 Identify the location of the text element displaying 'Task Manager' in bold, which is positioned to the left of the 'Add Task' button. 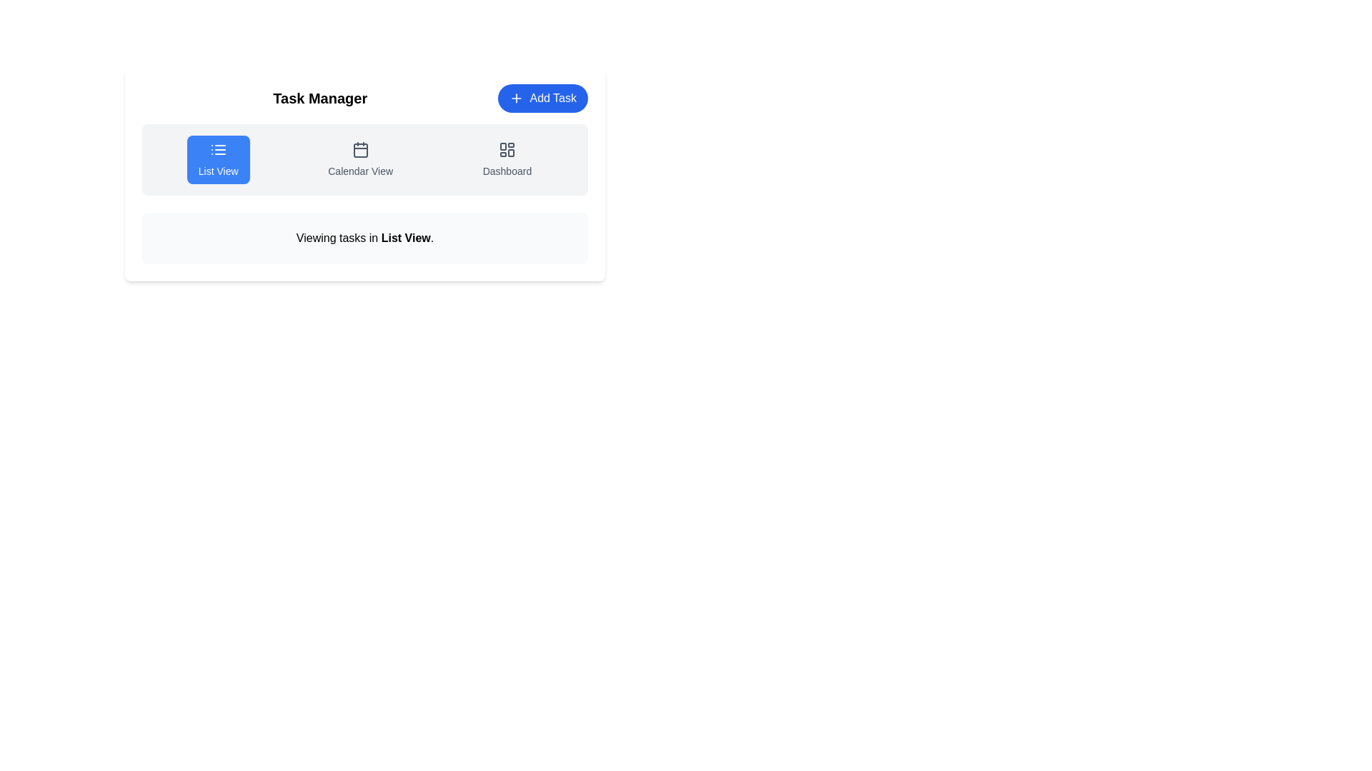
(319, 98).